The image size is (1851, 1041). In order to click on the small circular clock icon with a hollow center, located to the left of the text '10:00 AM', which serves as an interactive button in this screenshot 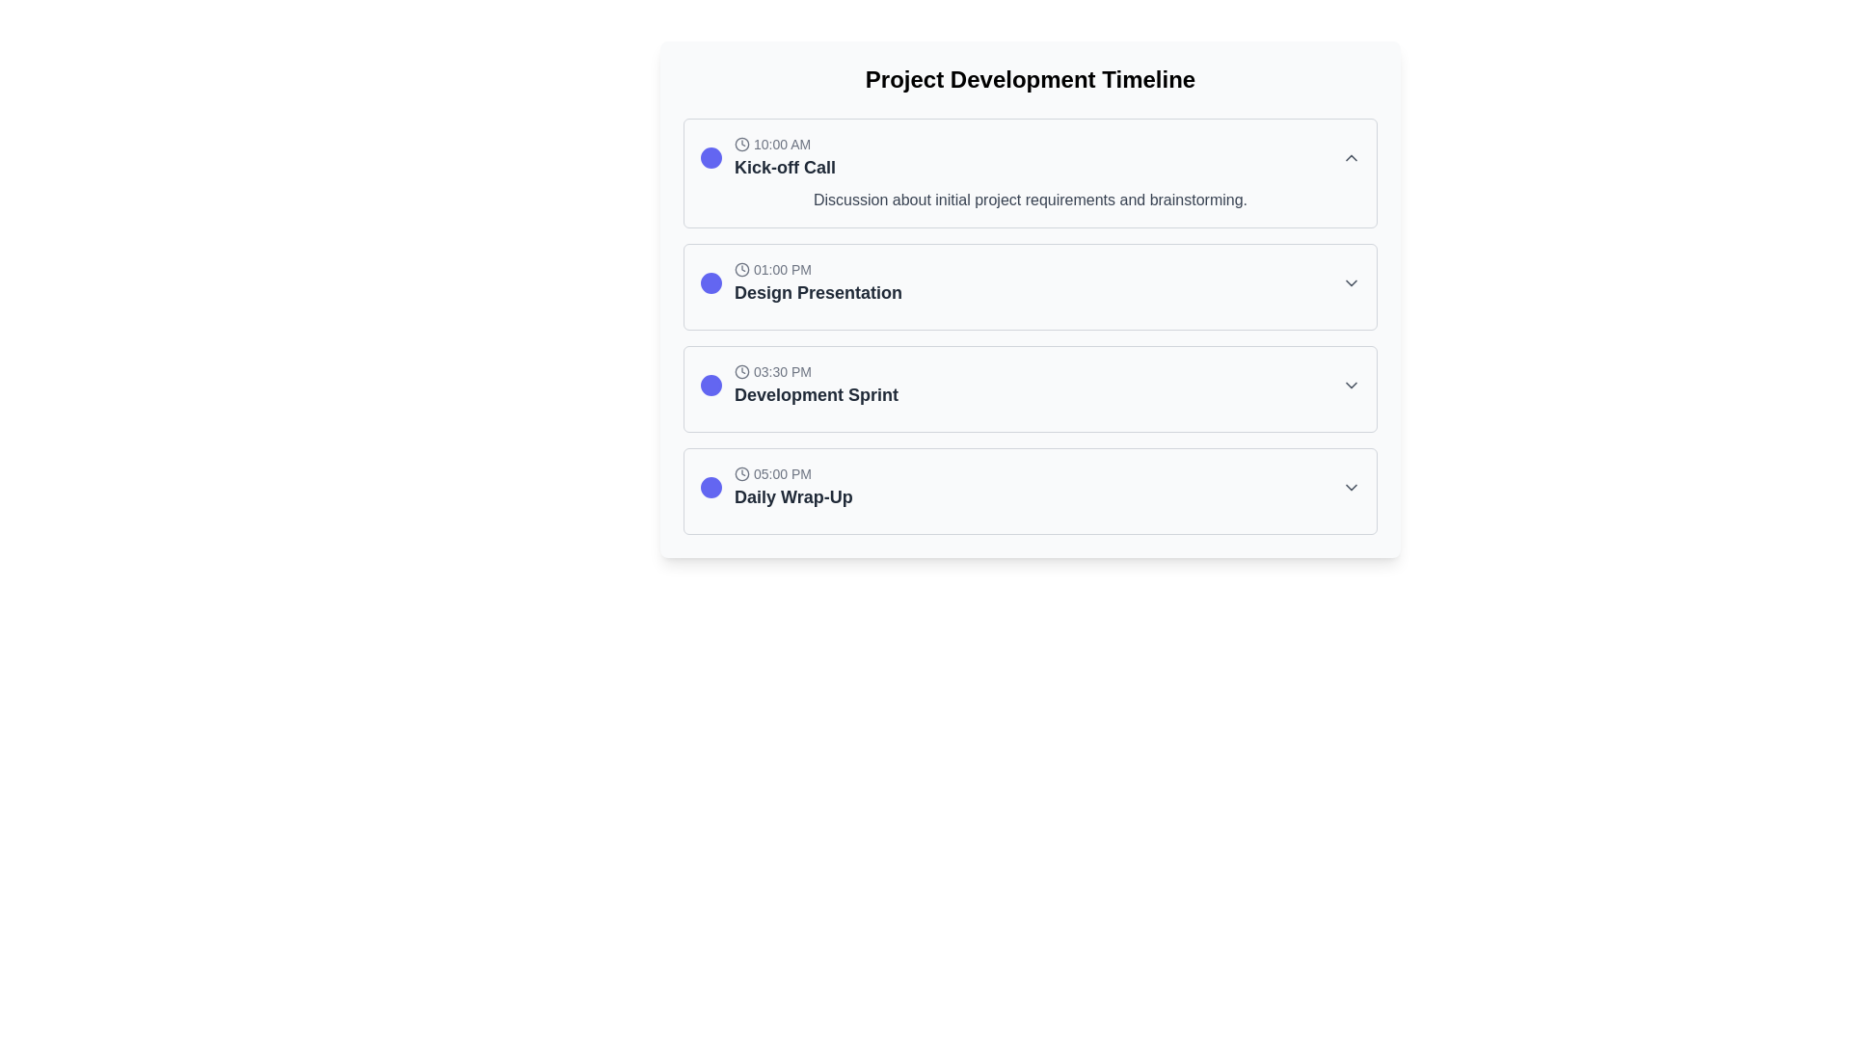, I will do `click(740, 144)`.